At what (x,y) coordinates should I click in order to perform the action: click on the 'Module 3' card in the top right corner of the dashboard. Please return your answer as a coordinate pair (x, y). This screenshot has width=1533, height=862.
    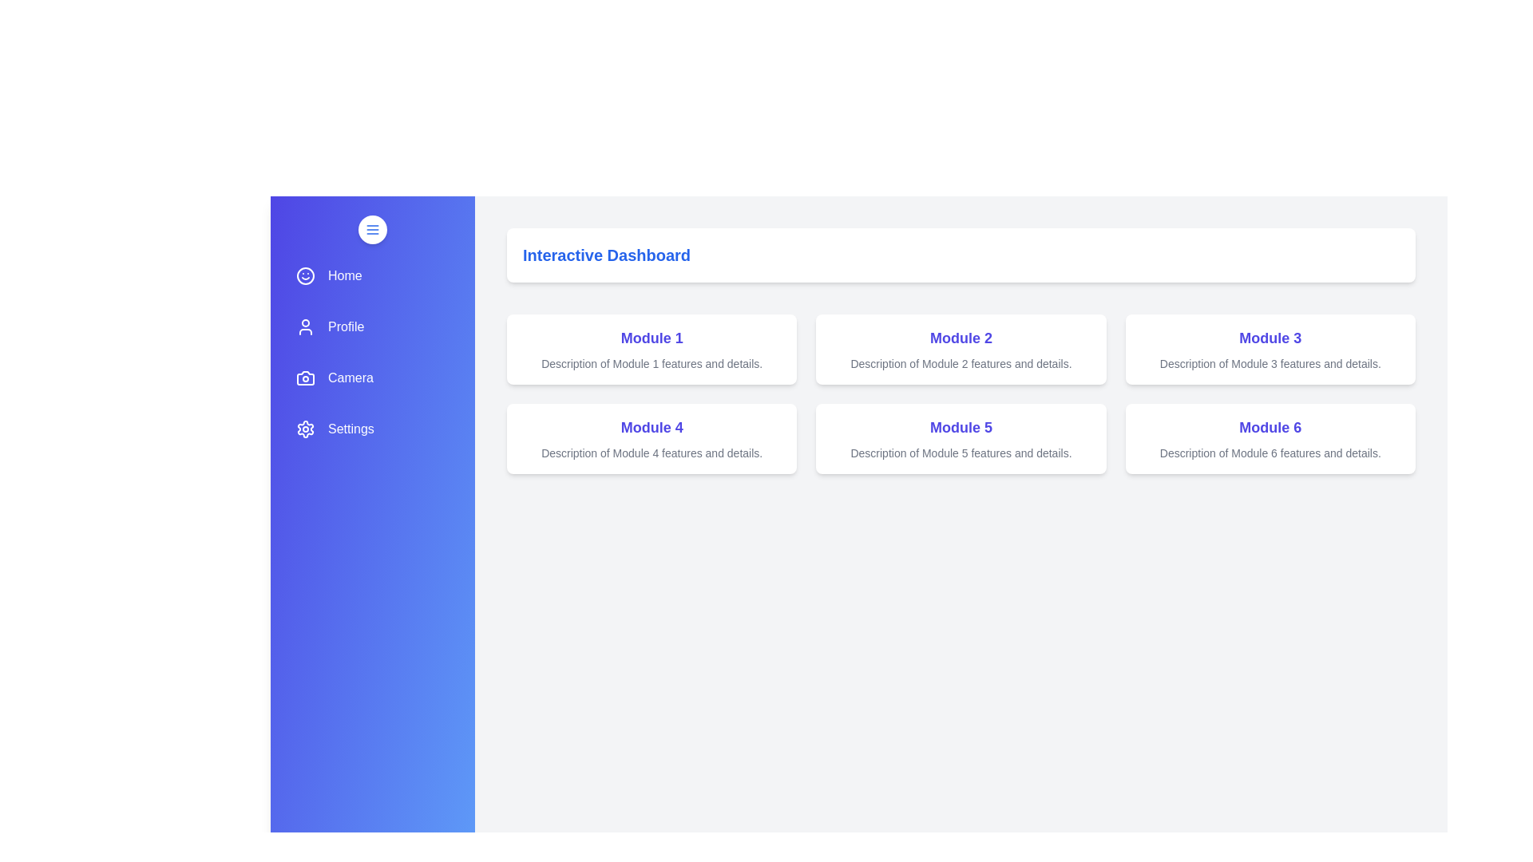
    Looking at the image, I should click on (1270, 349).